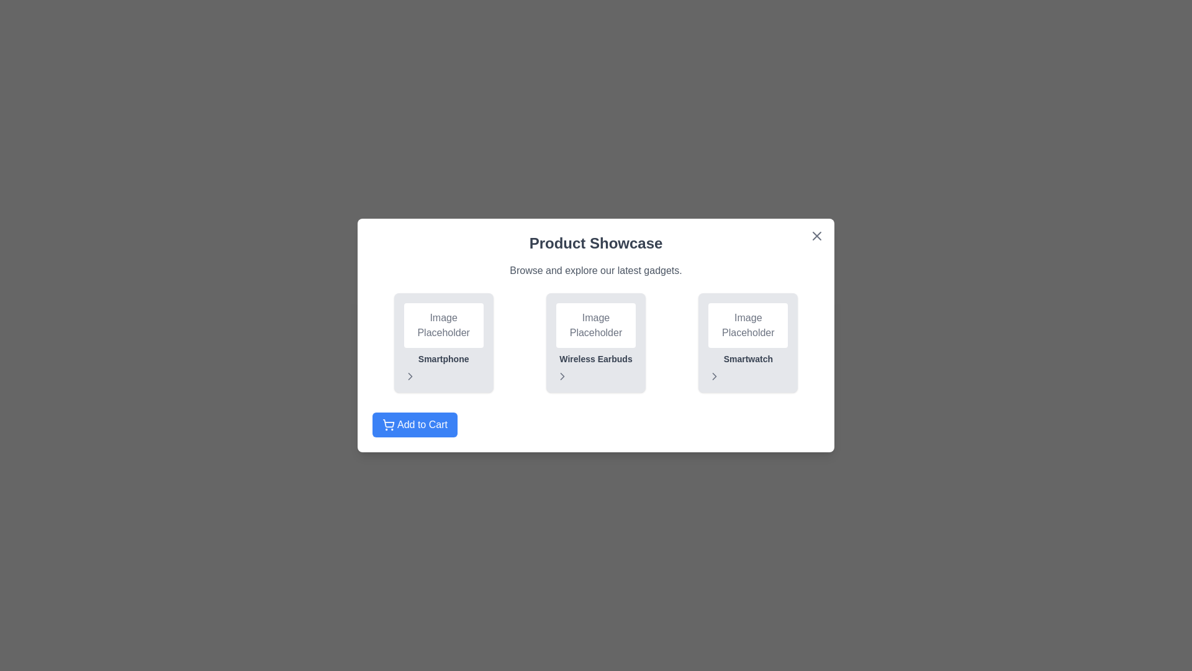 This screenshot has height=671, width=1192. What do you see at coordinates (596, 270) in the screenshot?
I see `the text label that reads 'Browse and explore our latest gadgets.' located below the header 'Product Showcase' in the upper-center of the modal` at bounding box center [596, 270].